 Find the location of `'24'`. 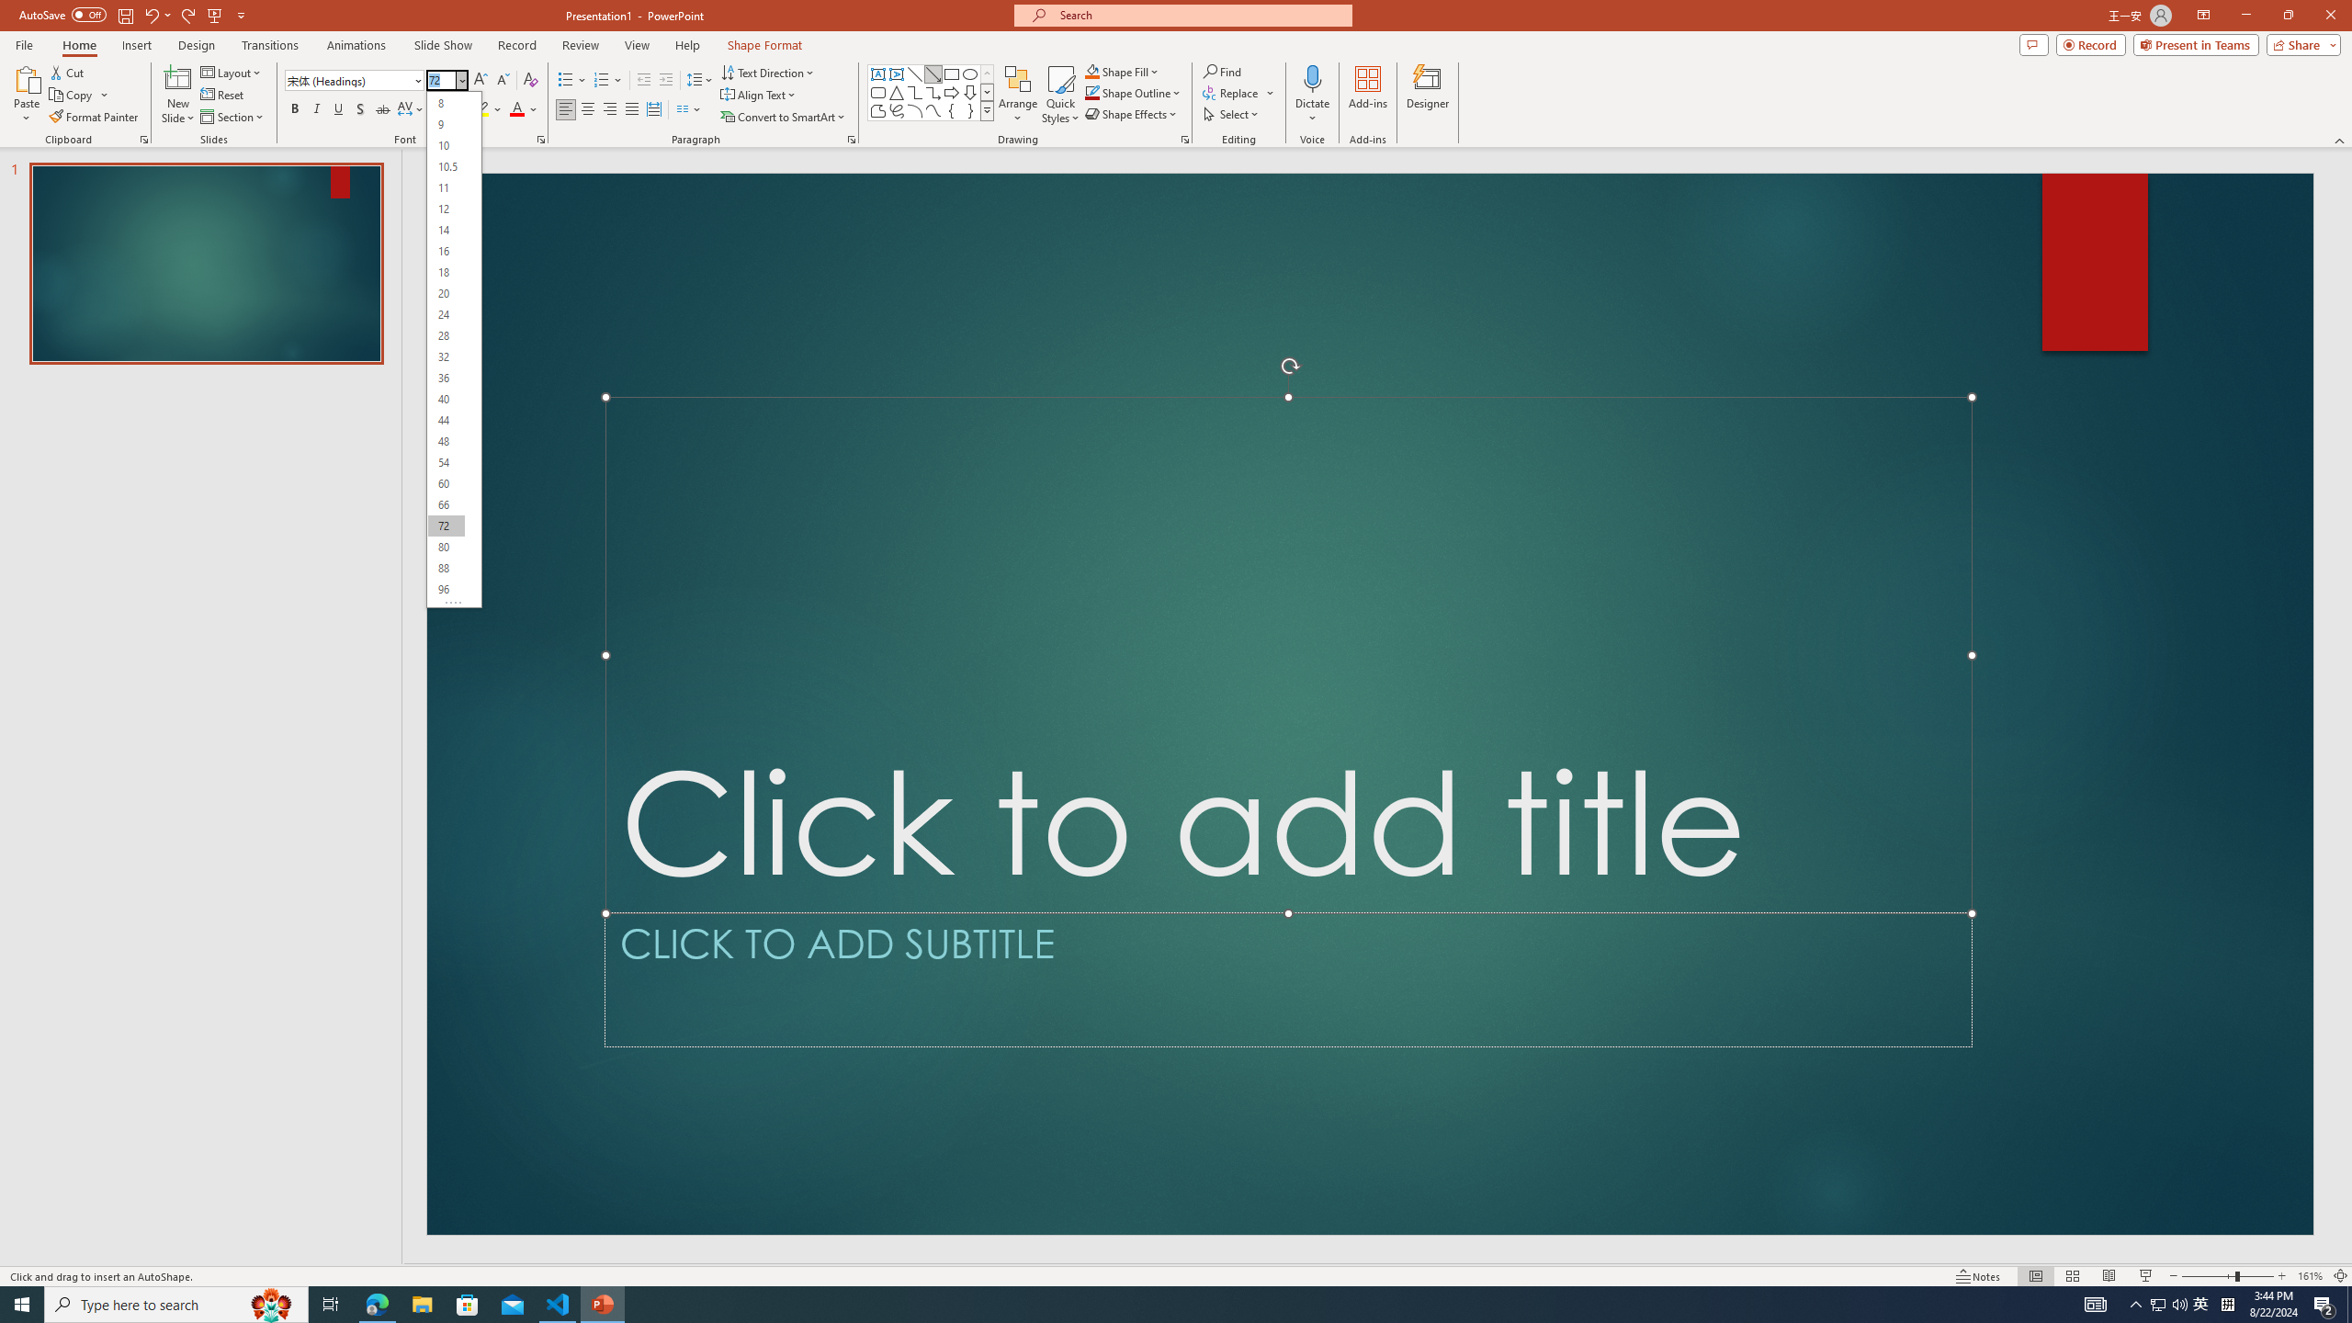

'24' is located at coordinates (446, 313).